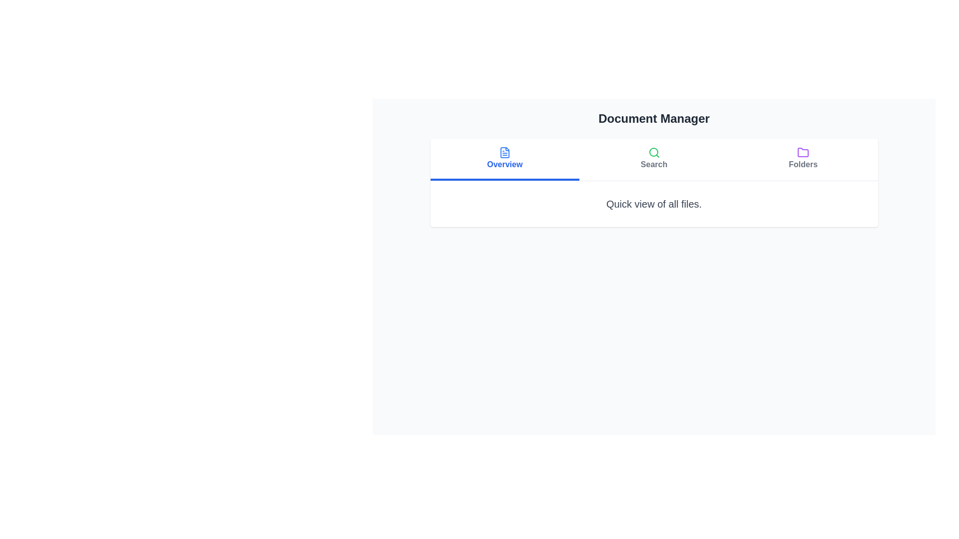 This screenshot has height=539, width=959. What do you see at coordinates (654, 203) in the screenshot?
I see `the text label that reads 'Quick view of all files.' which is styled in gray on a white background, located below the header tabs in the Document Manager interface` at bounding box center [654, 203].